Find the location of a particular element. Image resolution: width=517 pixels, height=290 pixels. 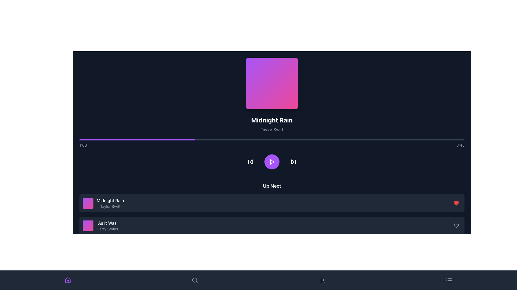

the triangle-shaped Play button icon located at the center of the control bar is located at coordinates (272, 161).